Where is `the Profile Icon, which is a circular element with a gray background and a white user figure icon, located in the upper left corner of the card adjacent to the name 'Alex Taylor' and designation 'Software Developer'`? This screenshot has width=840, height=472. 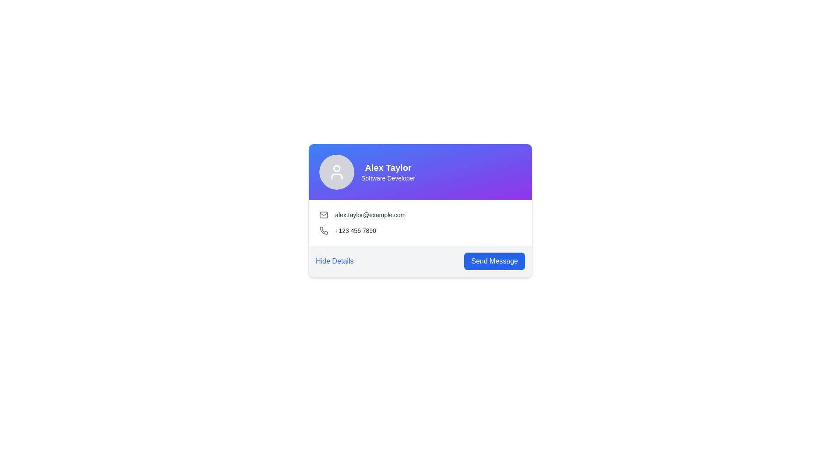
the Profile Icon, which is a circular element with a gray background and a white user figure icon, located in the upper left corner of the card adjacent to the name 'Alex Taylor' and designation 'Software Developer' is located at coordinates (336, 172).